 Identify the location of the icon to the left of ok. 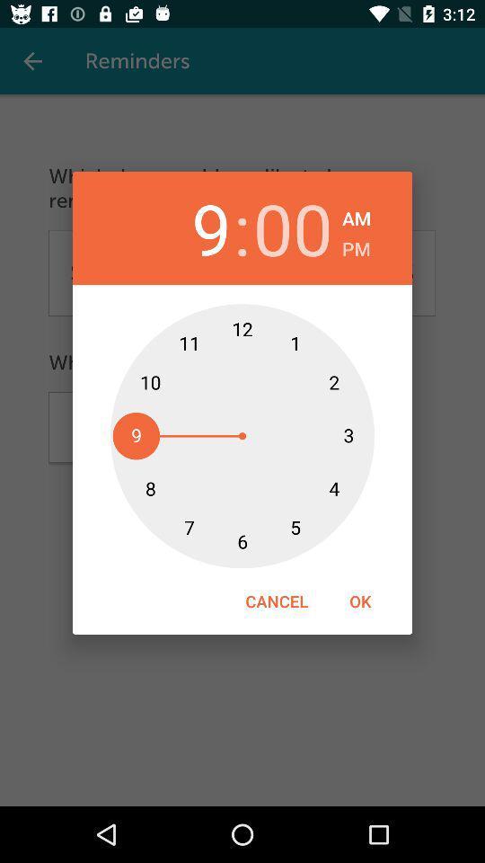
(277, 601).